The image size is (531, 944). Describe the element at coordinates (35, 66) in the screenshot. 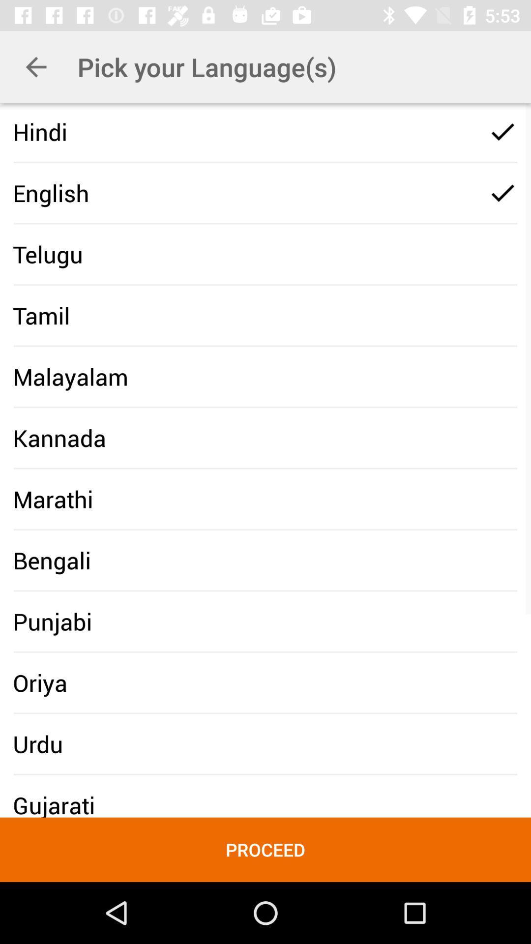

I see `the item to the left of pick your language` at that location.